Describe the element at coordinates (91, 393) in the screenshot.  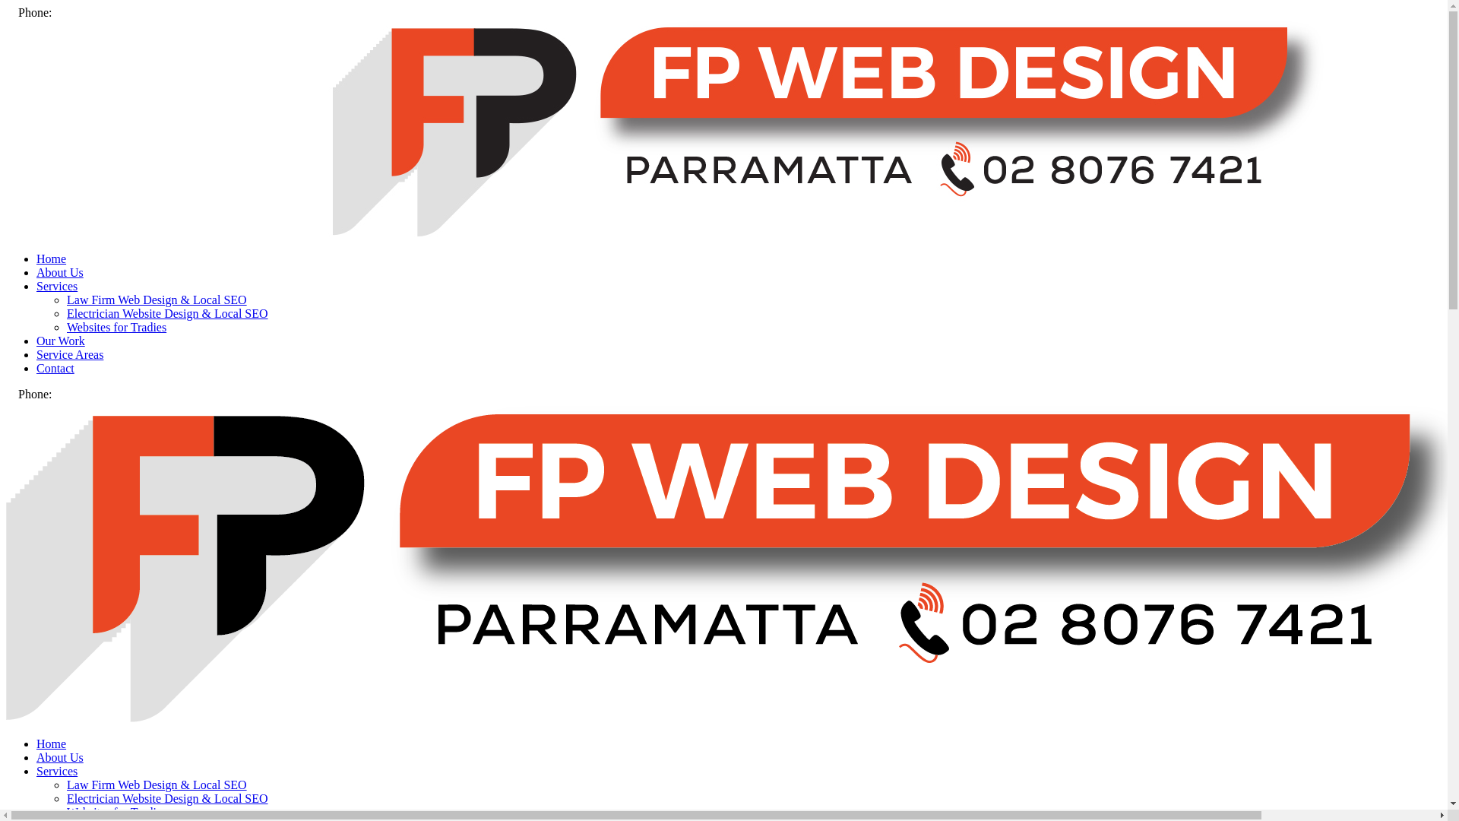
I see `'(02) 8076 7421'` at that location.